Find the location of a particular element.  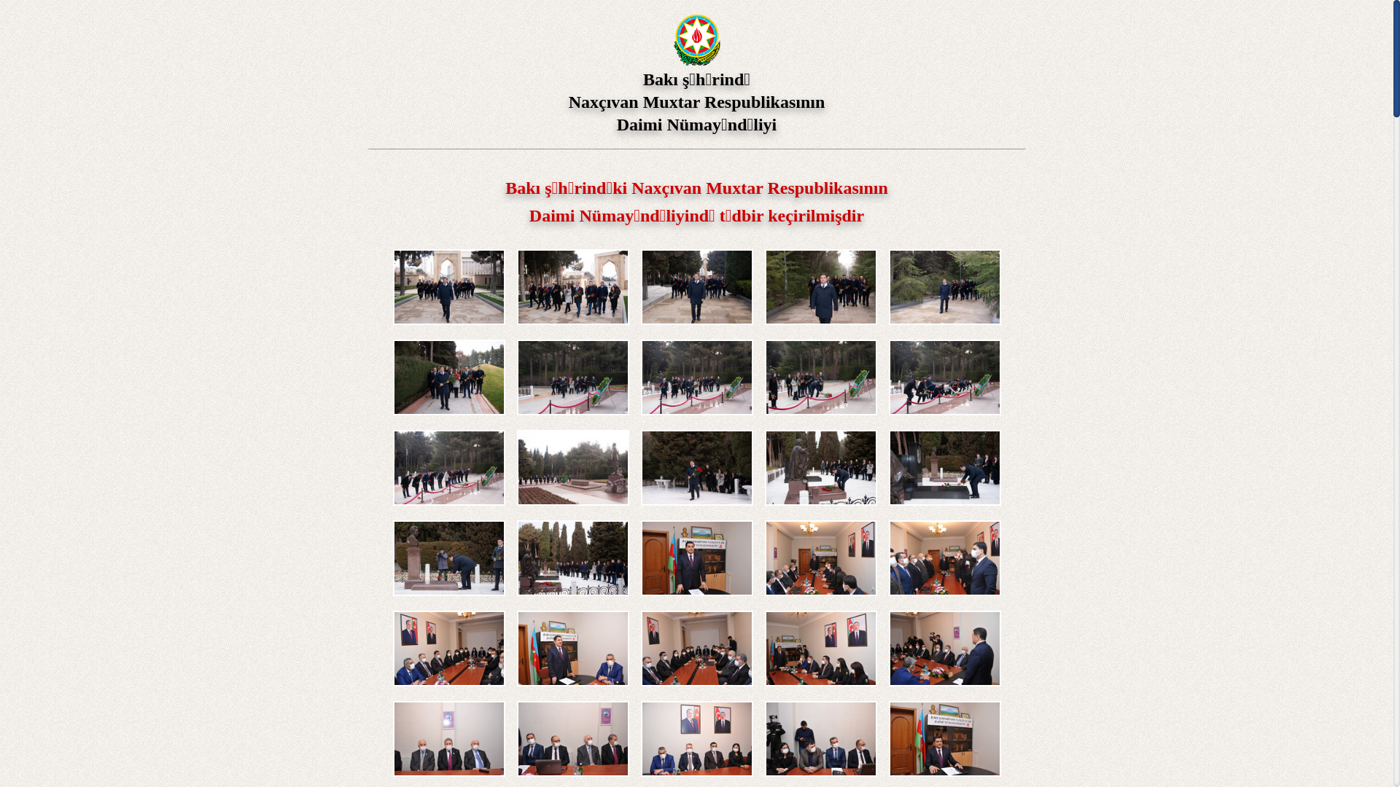

'Click to enlarge' is located at coordinates (887, 648).